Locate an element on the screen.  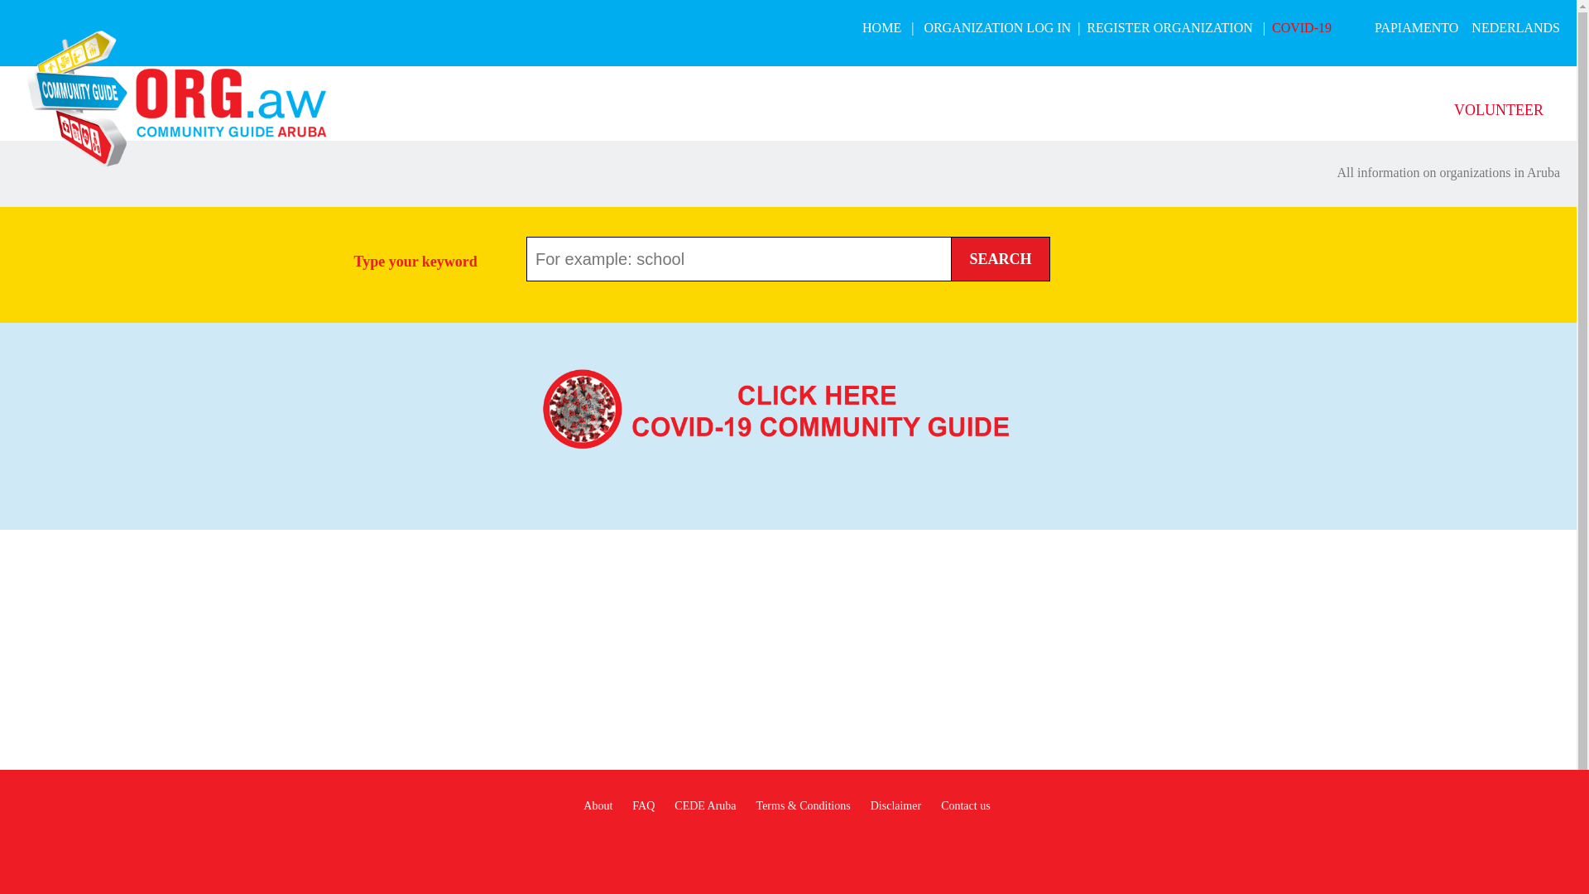
'FAQ' is located at coordinates (631, 805).